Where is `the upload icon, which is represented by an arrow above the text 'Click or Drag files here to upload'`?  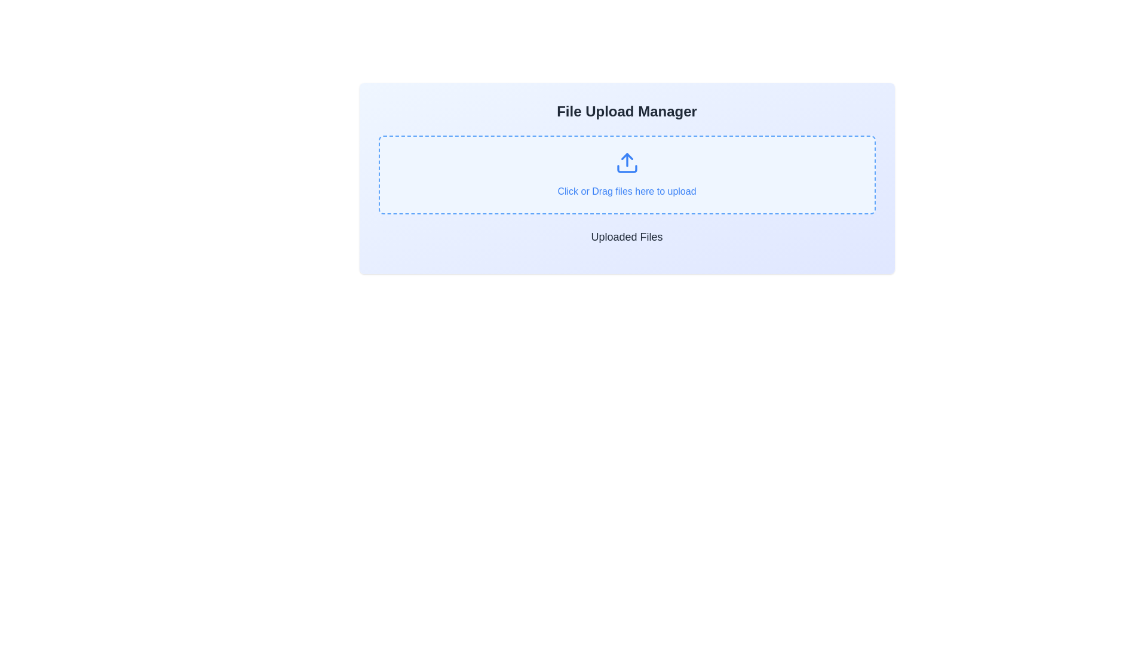
the upload icon, which is represented by an arrow above the text 'Click or Drag files here to upload' is located at coordinates (626, 163).